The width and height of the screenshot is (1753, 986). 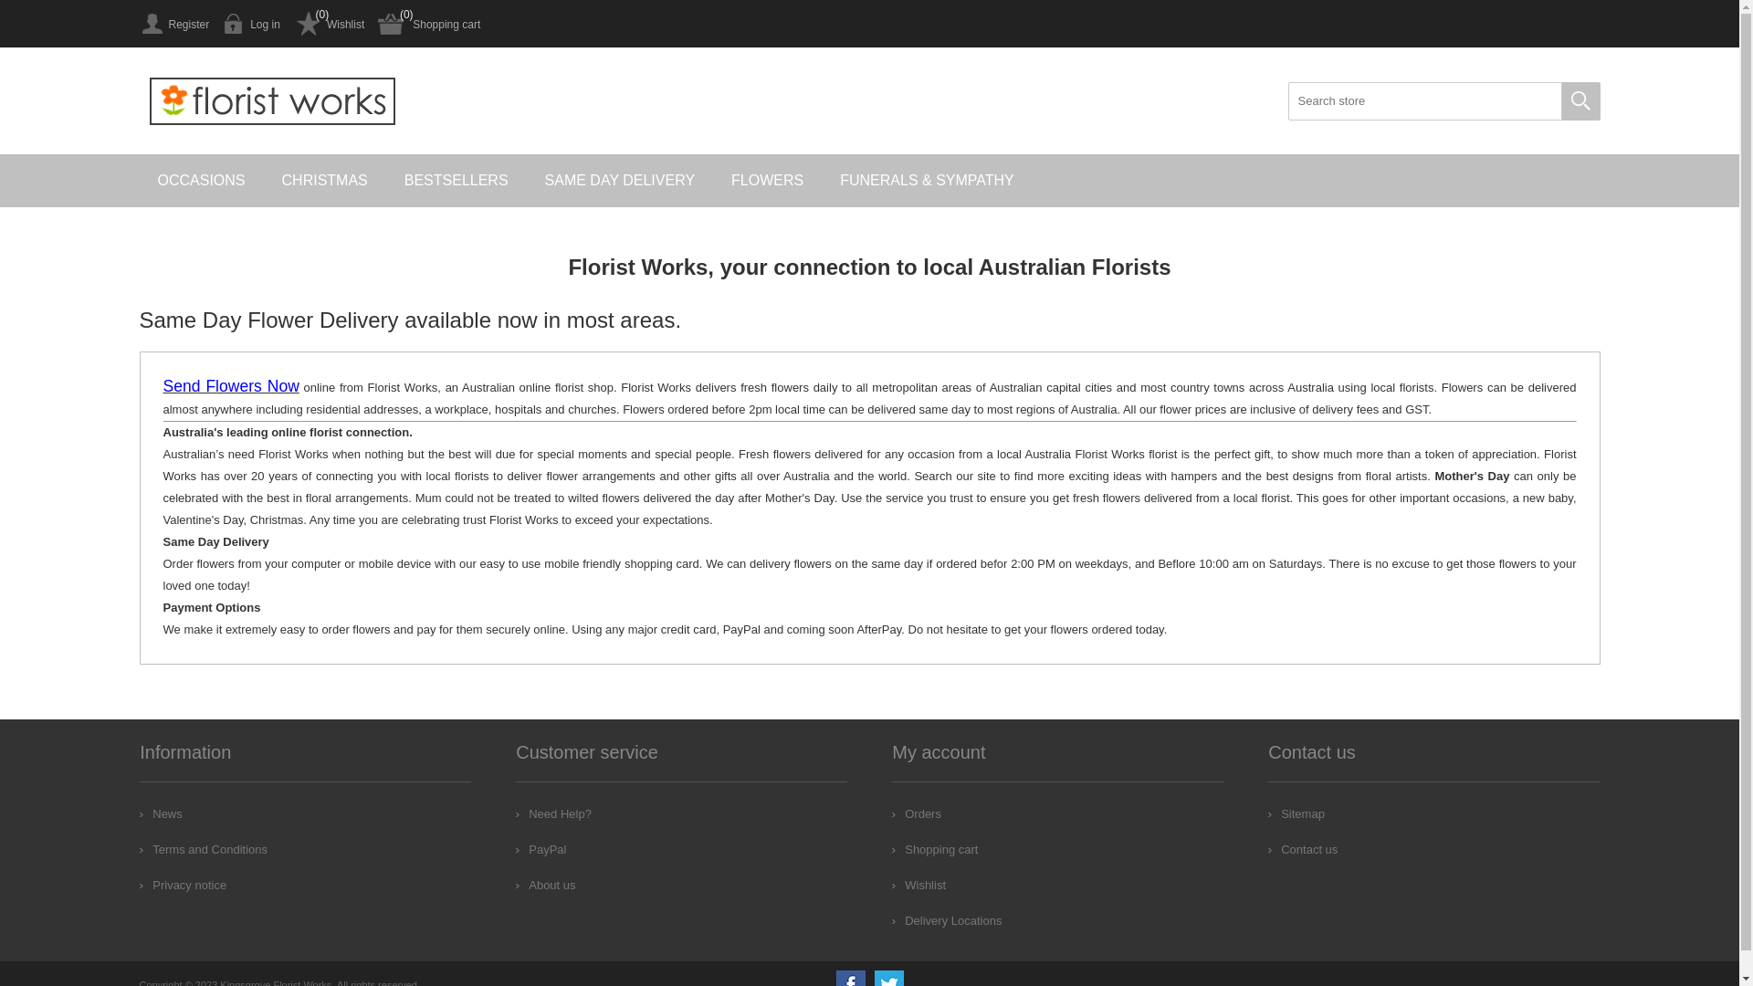 I want to click on 'Terms and Conditions', so click(x=203, y=849).